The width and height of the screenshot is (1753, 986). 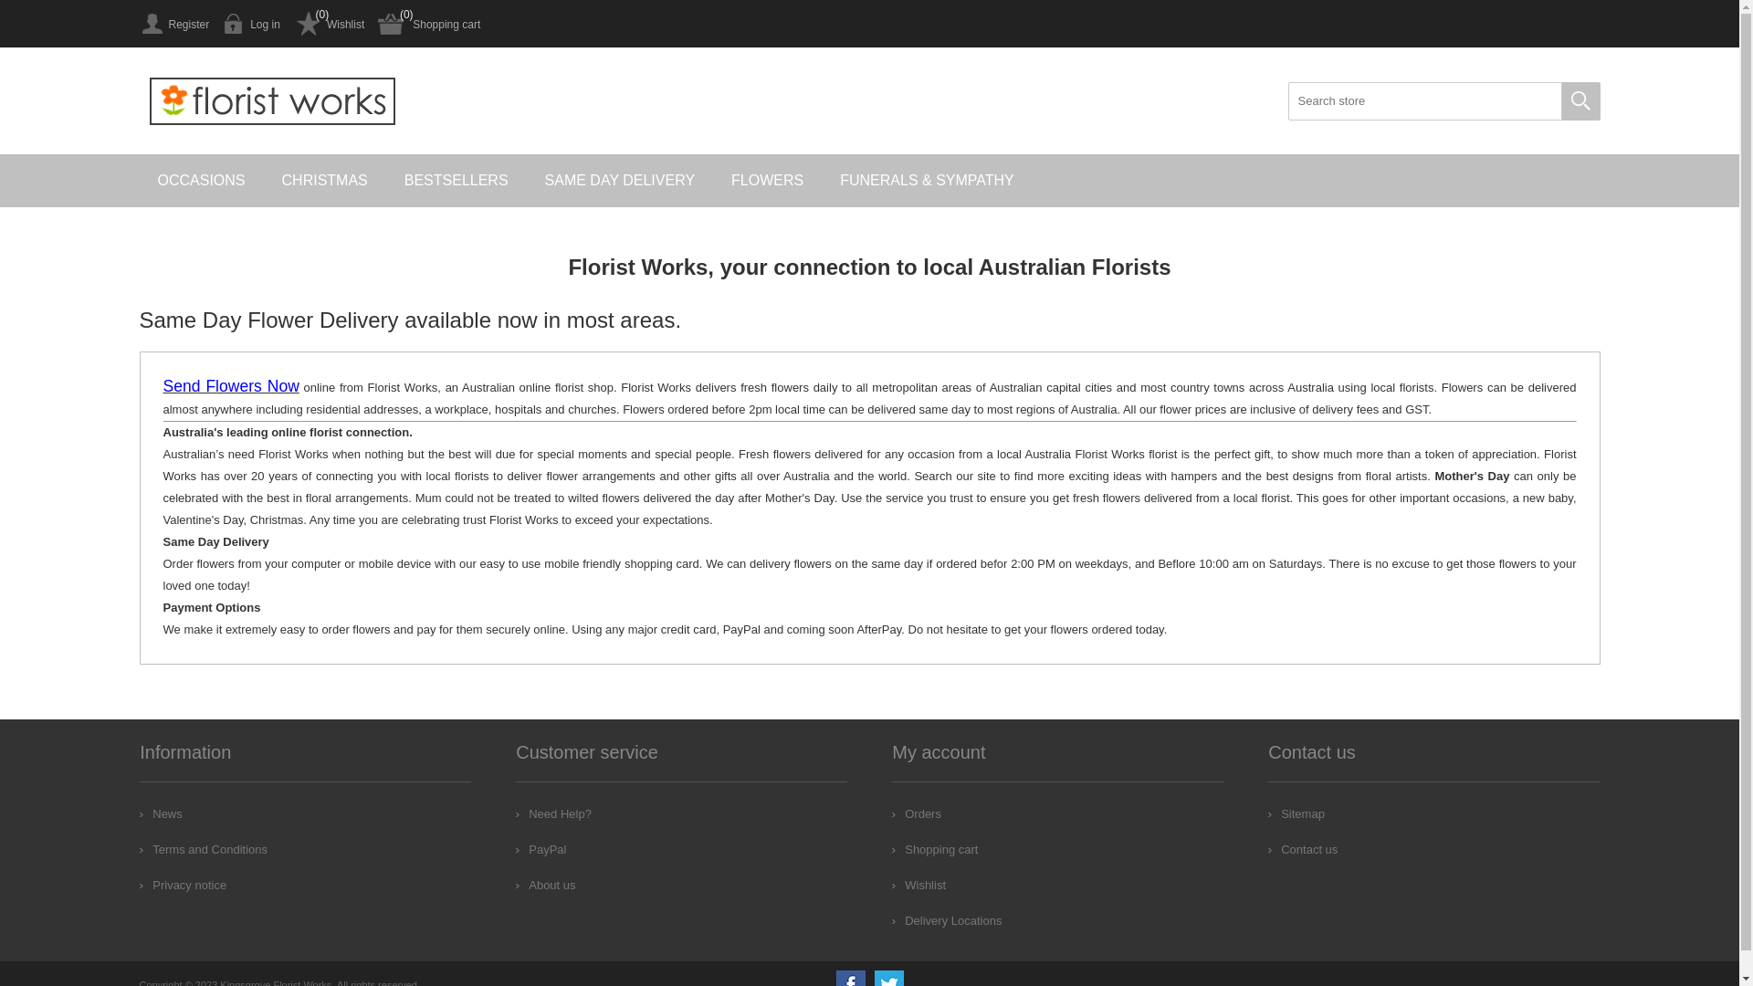 I want to click on 'Terms and Conditions', so click(x=203, y=849).